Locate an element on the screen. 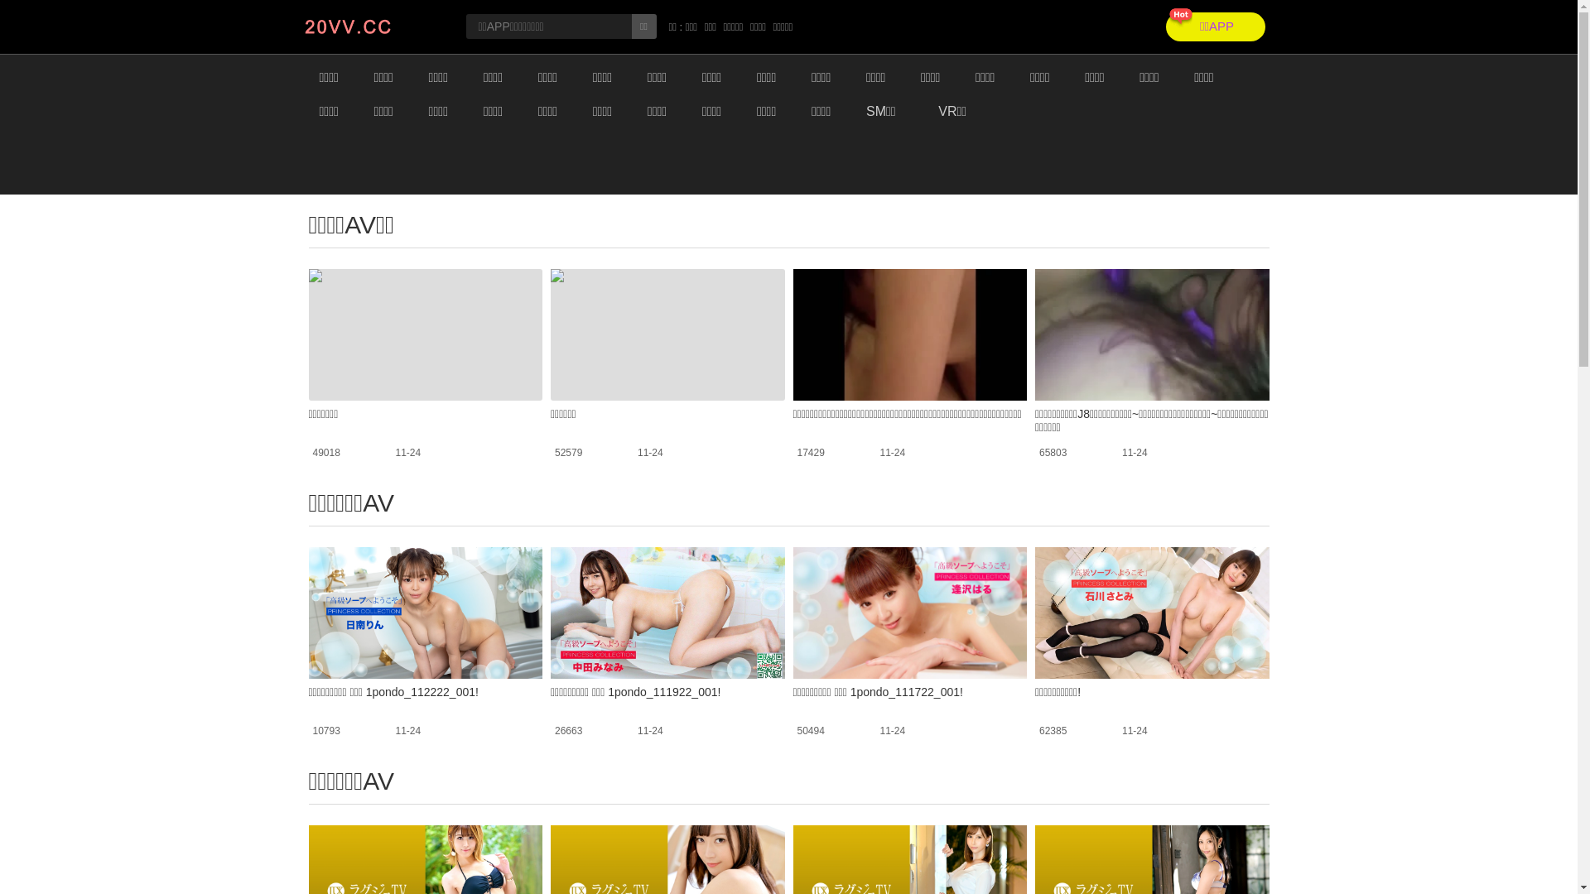  'static/images/logo.jpg' is located at coordinates (370, 26).